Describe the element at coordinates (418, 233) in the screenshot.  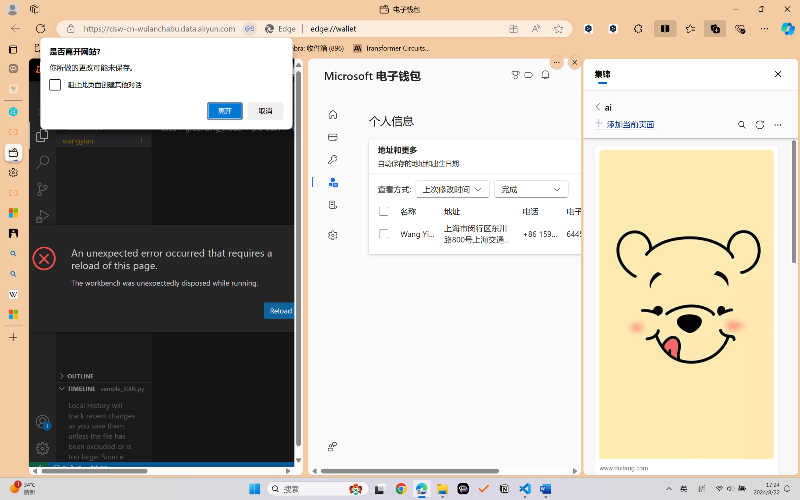
I see `'Wang Yian'` at that location.